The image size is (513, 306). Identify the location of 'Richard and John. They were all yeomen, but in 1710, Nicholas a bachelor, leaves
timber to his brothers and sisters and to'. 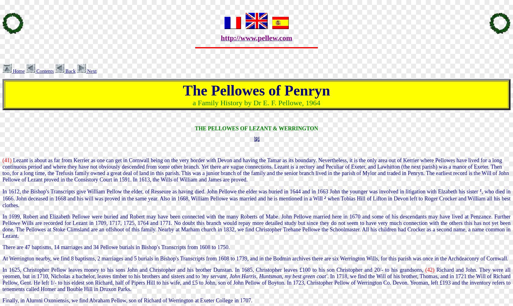
(256, 273).